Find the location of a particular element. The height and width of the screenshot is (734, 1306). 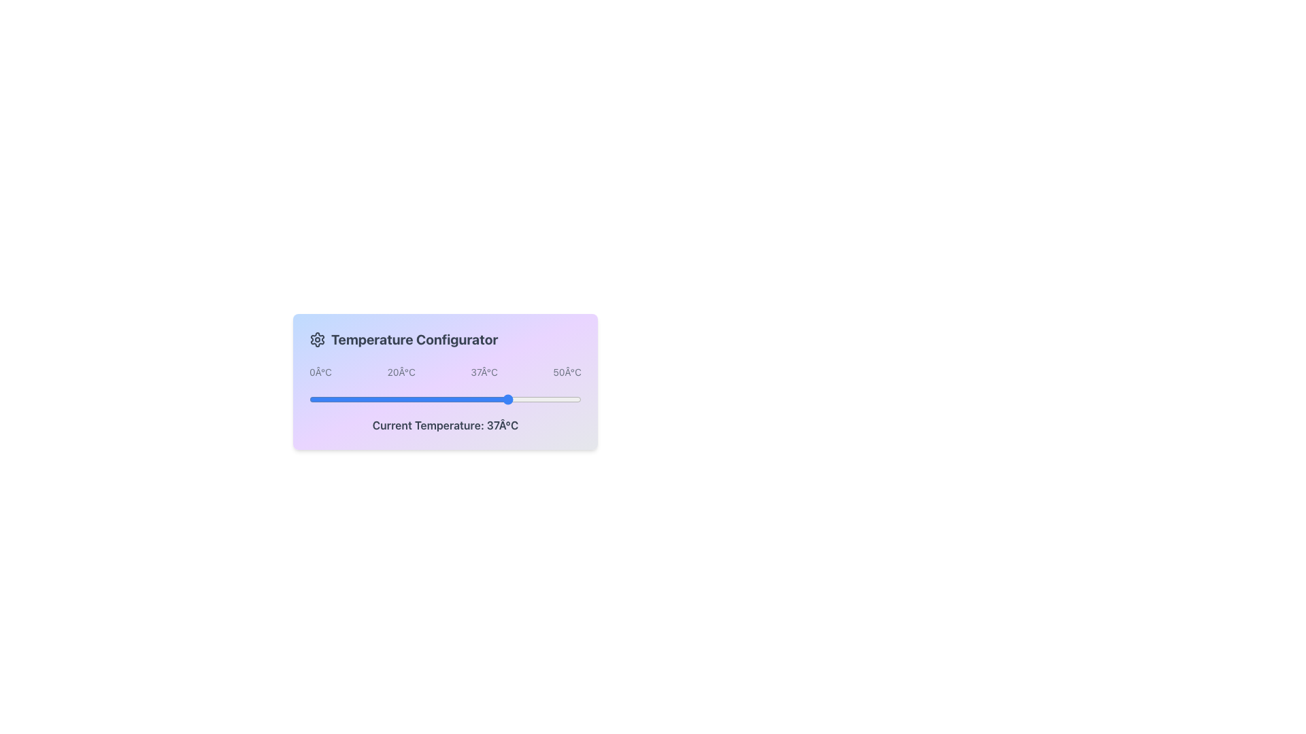

the text display element that shows 'Current Temperature: 37°C', which is styled with a center-aligned, gray-colored font, positioned below the temperature slider in the temperature configuration interface is located at coordinates (445, 424).